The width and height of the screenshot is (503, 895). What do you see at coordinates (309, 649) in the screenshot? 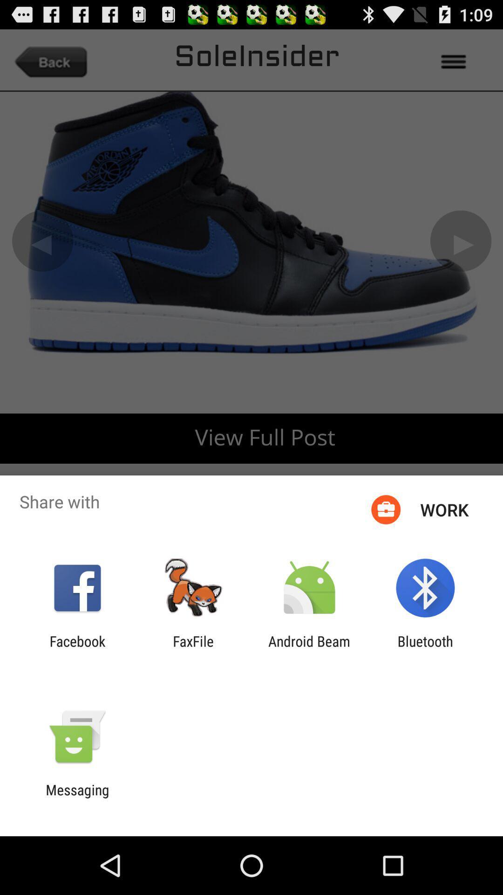
I see `the item to the left of the bluetooth item` at bounding box center [309, 649].